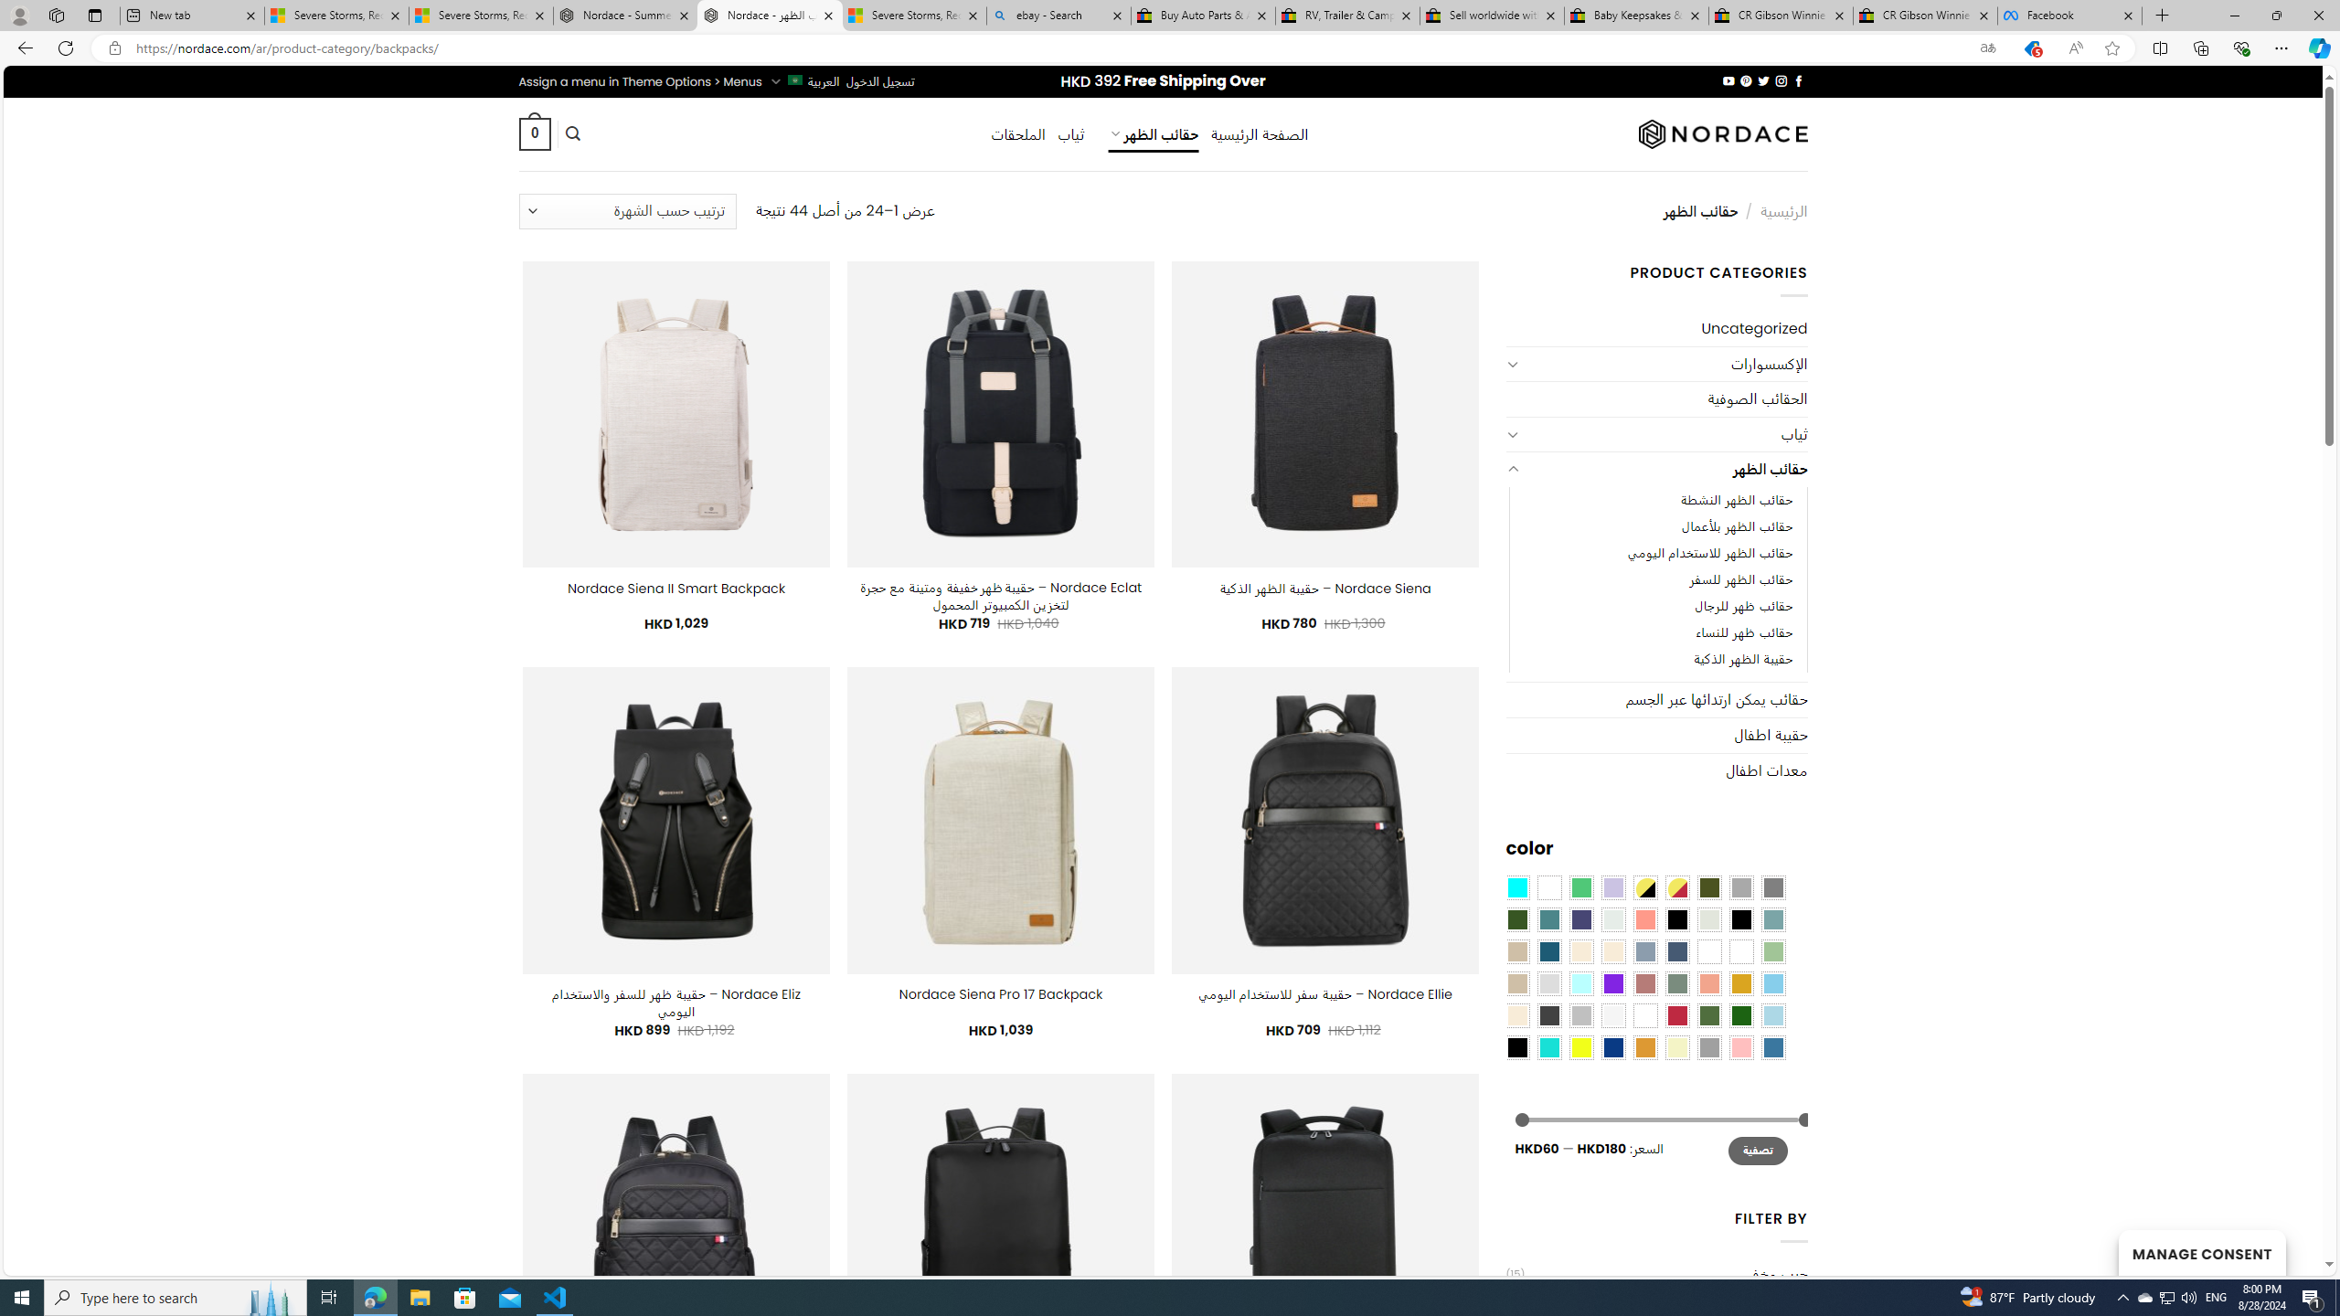 Image resolution: width=2340 pixels, height=1316 pixels. What do you see at coordinates (1516, 919) in the screenshot?
I see `'Forest'` at bounding box center [1516, 919].